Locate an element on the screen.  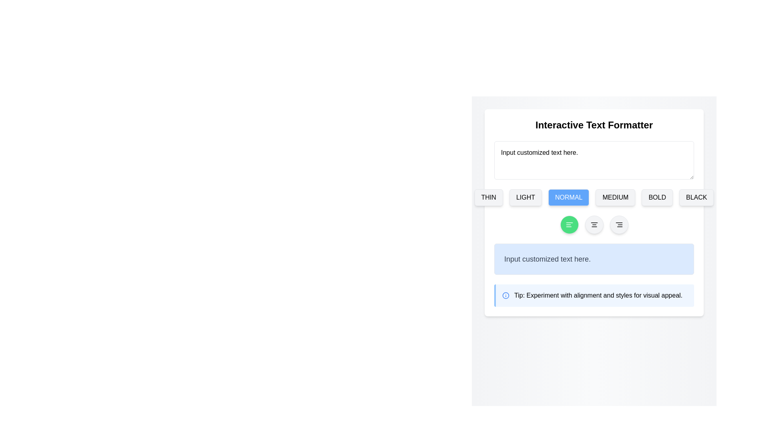
the icon indicating helpful information located in the blue-bordered panel near the bottom of the interface, to the left of the text 'Tip: Experiment with alignment and styles for visual appeal.' is located at coordinates (505, 296).